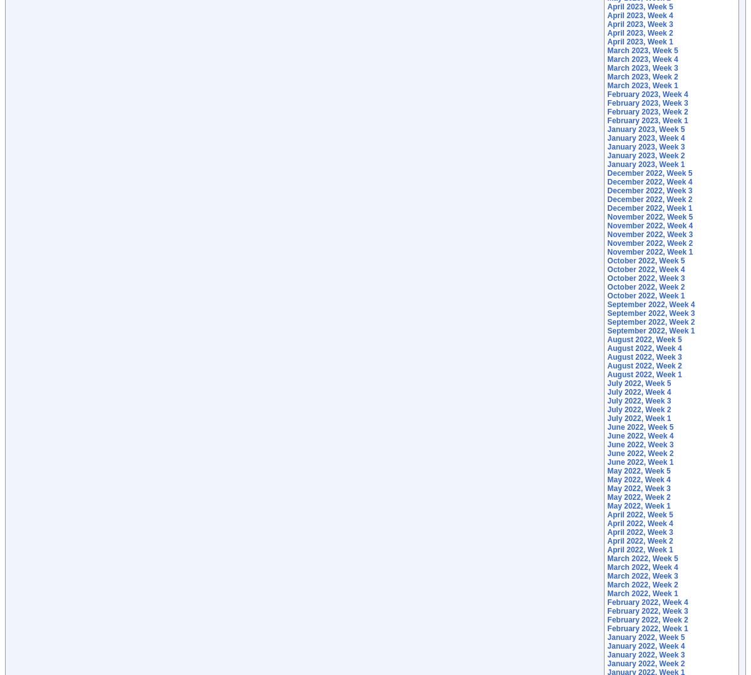 The image size is (751, 675). I want to click on 'September 2022, Week 3', so click(651, 313).